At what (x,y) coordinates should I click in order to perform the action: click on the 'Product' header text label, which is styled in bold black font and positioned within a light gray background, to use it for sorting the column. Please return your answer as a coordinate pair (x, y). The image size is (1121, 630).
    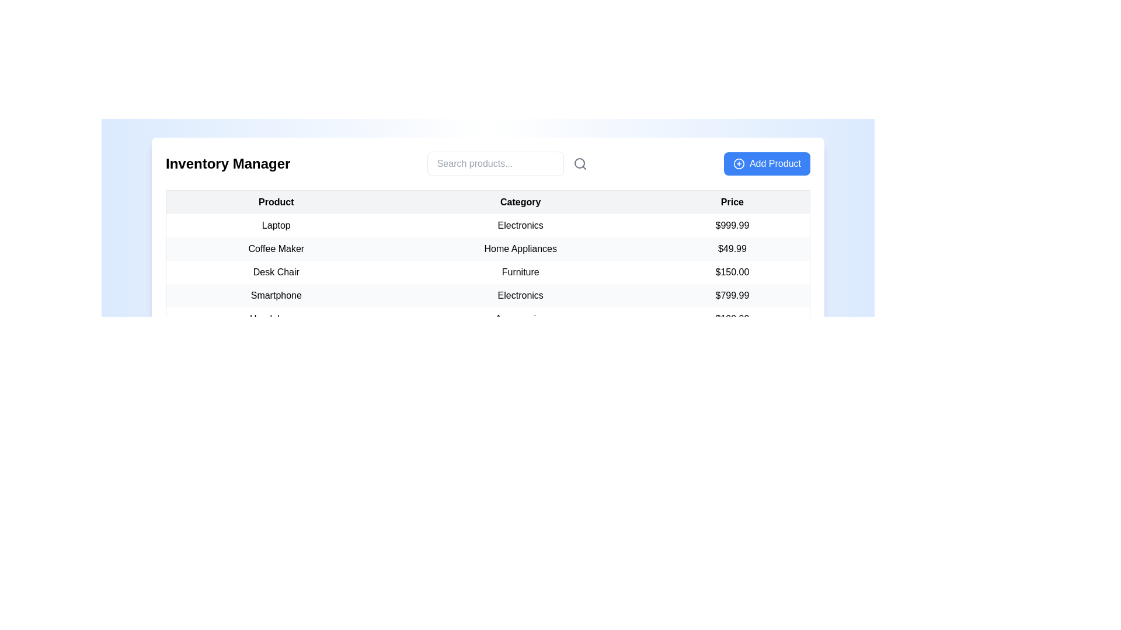
    Looking at the image, I should click on (276, 201).